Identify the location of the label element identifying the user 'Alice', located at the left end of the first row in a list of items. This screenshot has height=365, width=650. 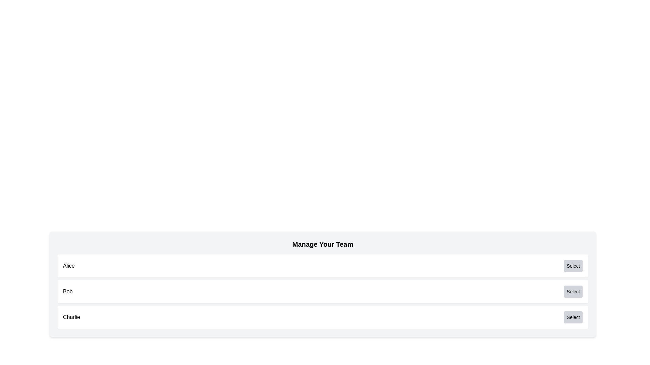
(69, 265).